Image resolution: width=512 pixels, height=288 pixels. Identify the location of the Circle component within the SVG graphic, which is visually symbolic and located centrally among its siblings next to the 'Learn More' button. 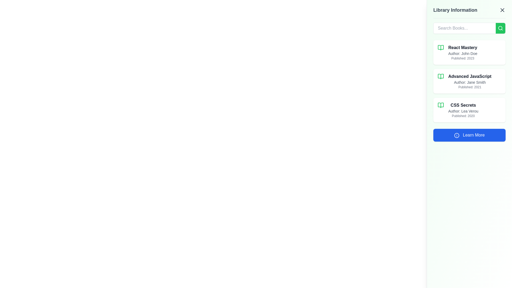
(457, 135).